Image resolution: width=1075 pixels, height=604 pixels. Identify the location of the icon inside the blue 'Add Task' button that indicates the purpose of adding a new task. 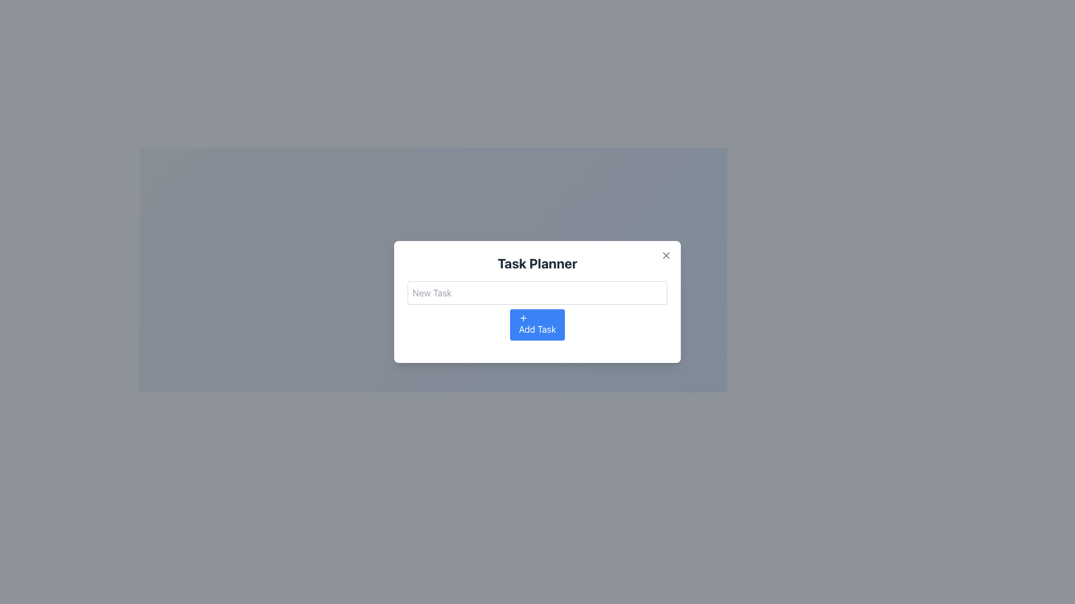
(522, 318).